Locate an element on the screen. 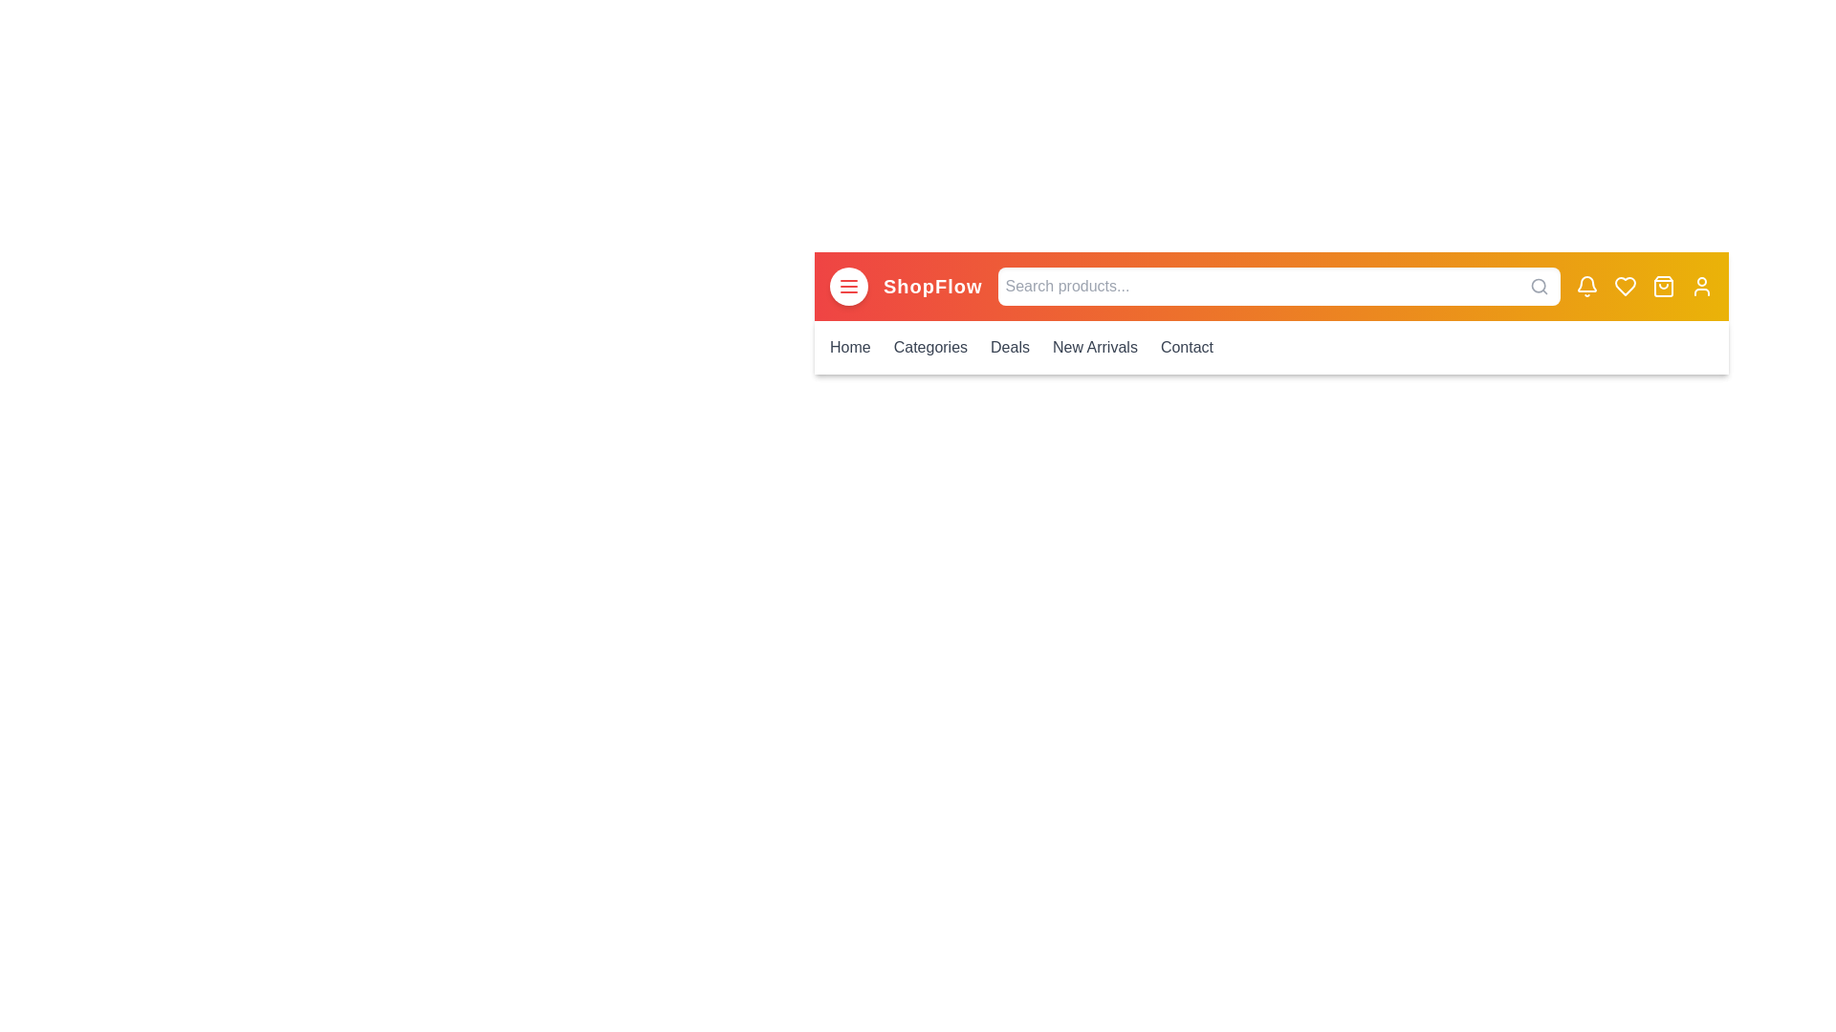 This screenshot has height=1032, width=1836. the menu button to toggle the menu visibility is located at coordinates (848, 287).